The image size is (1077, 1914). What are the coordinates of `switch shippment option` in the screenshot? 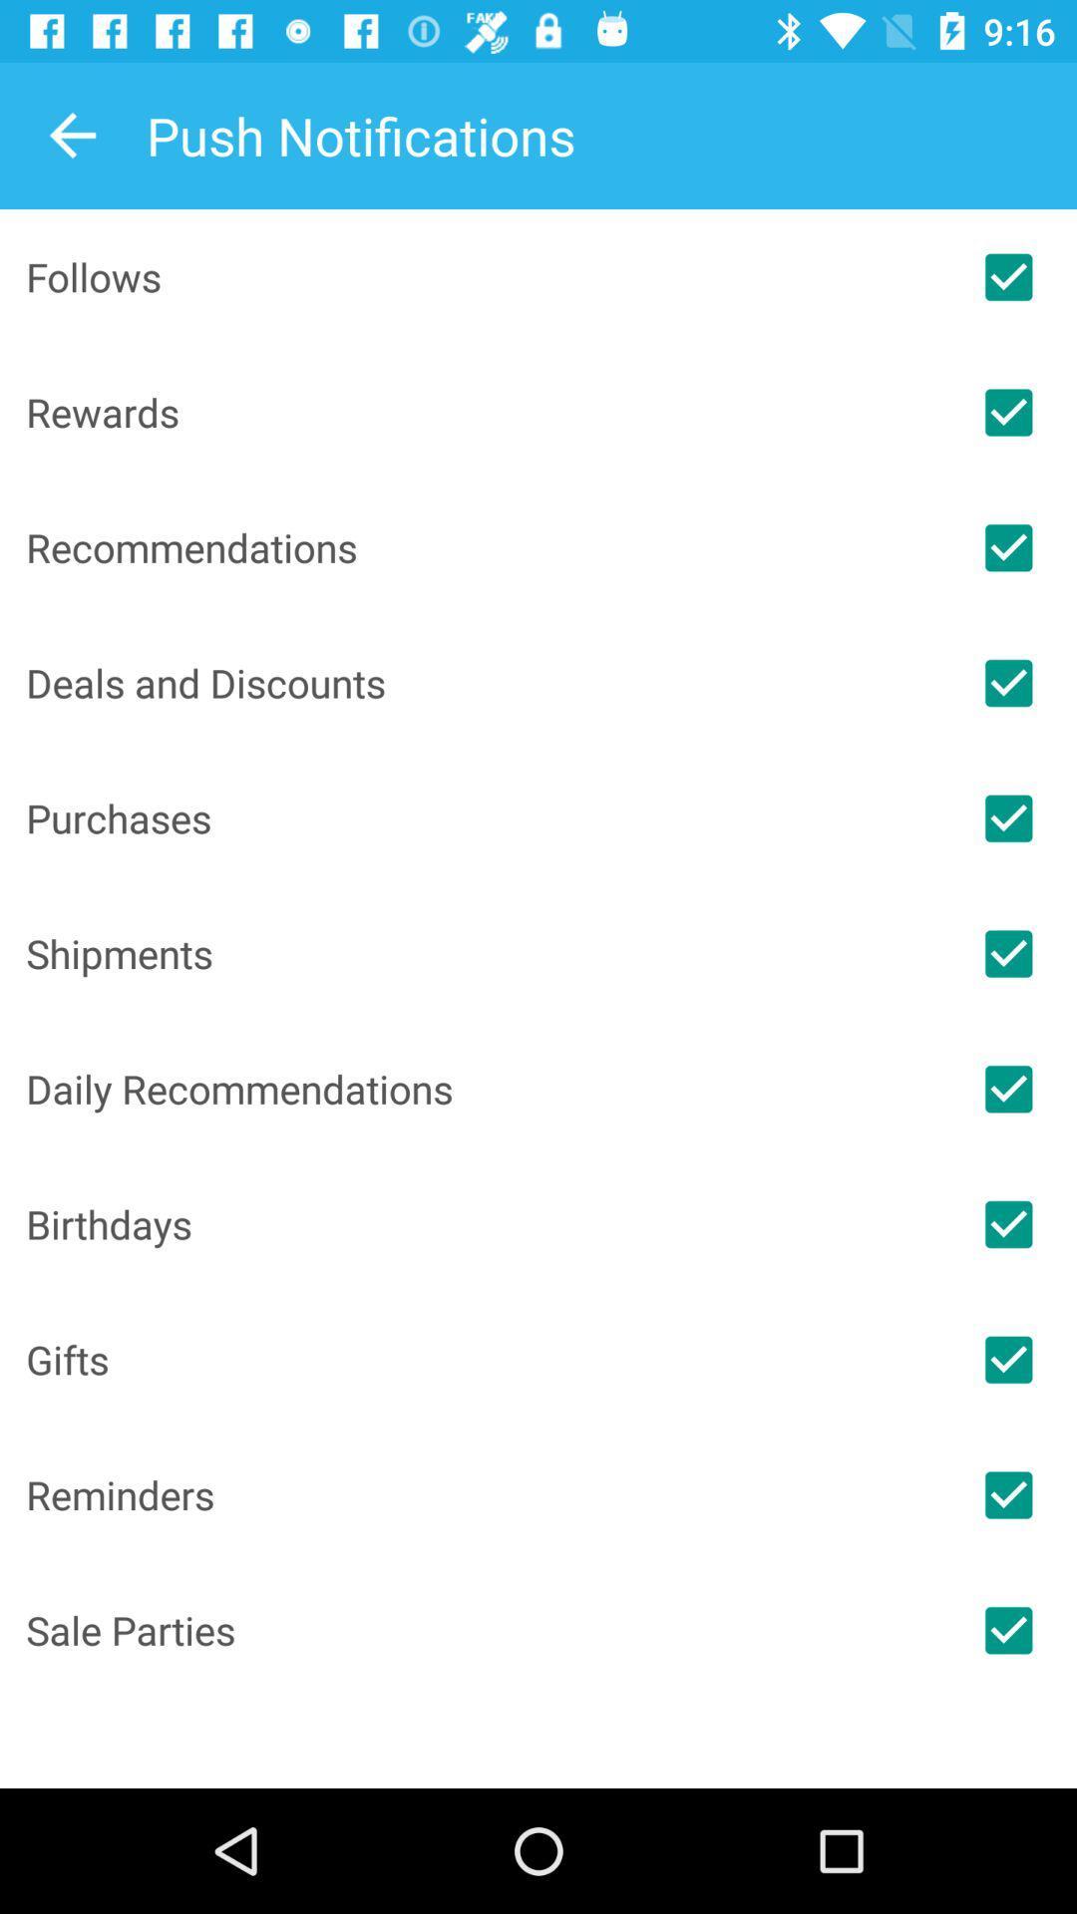 It's located at (1008, 952).